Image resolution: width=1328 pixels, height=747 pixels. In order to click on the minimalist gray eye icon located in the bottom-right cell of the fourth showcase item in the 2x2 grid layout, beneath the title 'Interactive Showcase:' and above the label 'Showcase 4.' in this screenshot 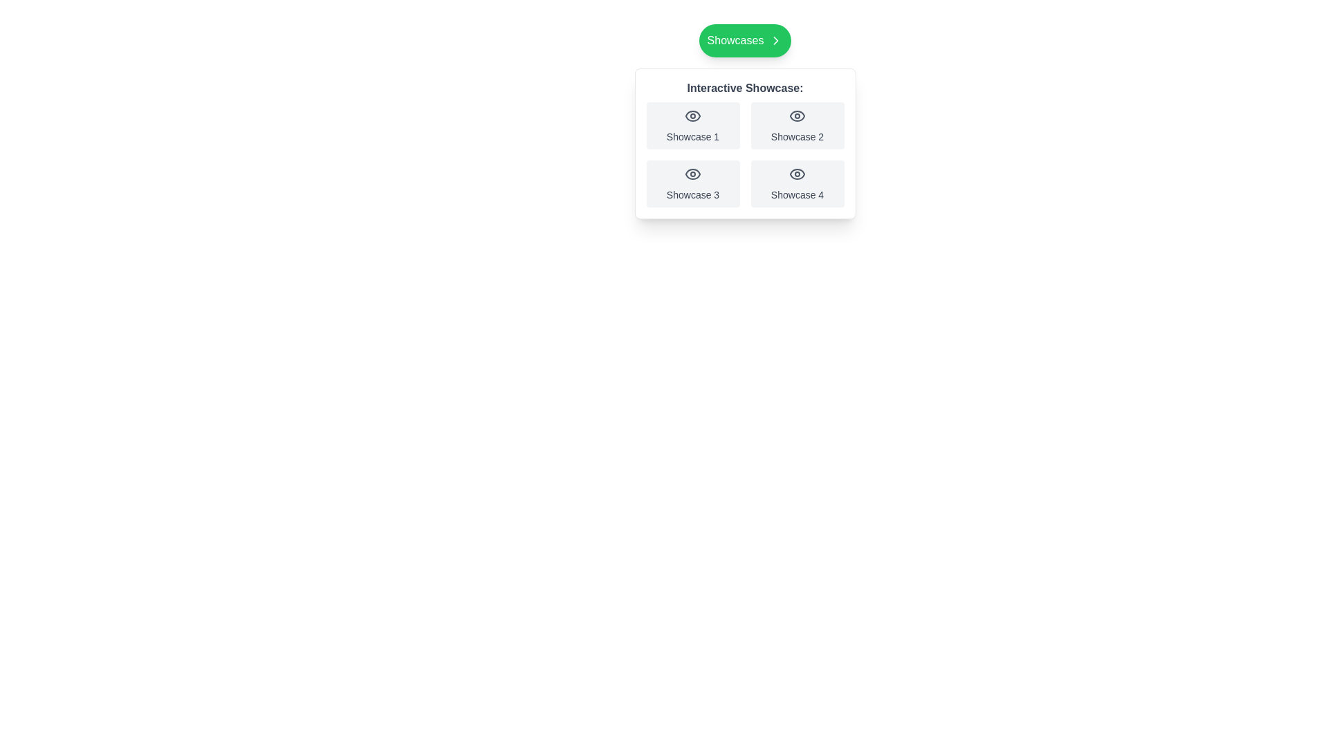, I will do `click(797, 173)`.